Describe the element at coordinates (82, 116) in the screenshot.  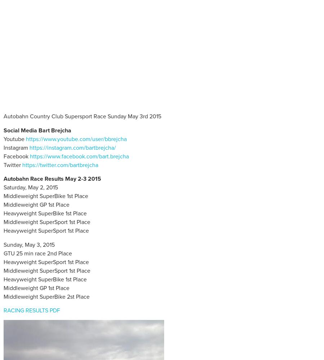
I see `'Autobahn Country Club Supersport Race Sunday May 3rd 2015'` at that location.